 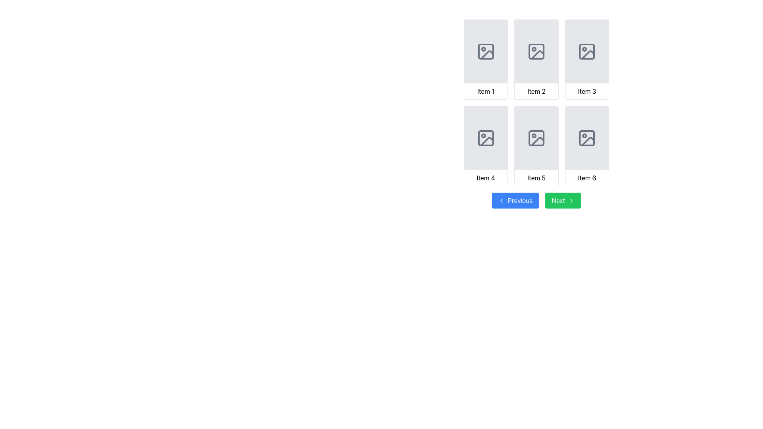 What do you see at coordinates (515, 200) in the screenshot?
I see `the 'Previous' button located to the left of the 'Next' button in the paginated interface` at bounding box center [515, 200].